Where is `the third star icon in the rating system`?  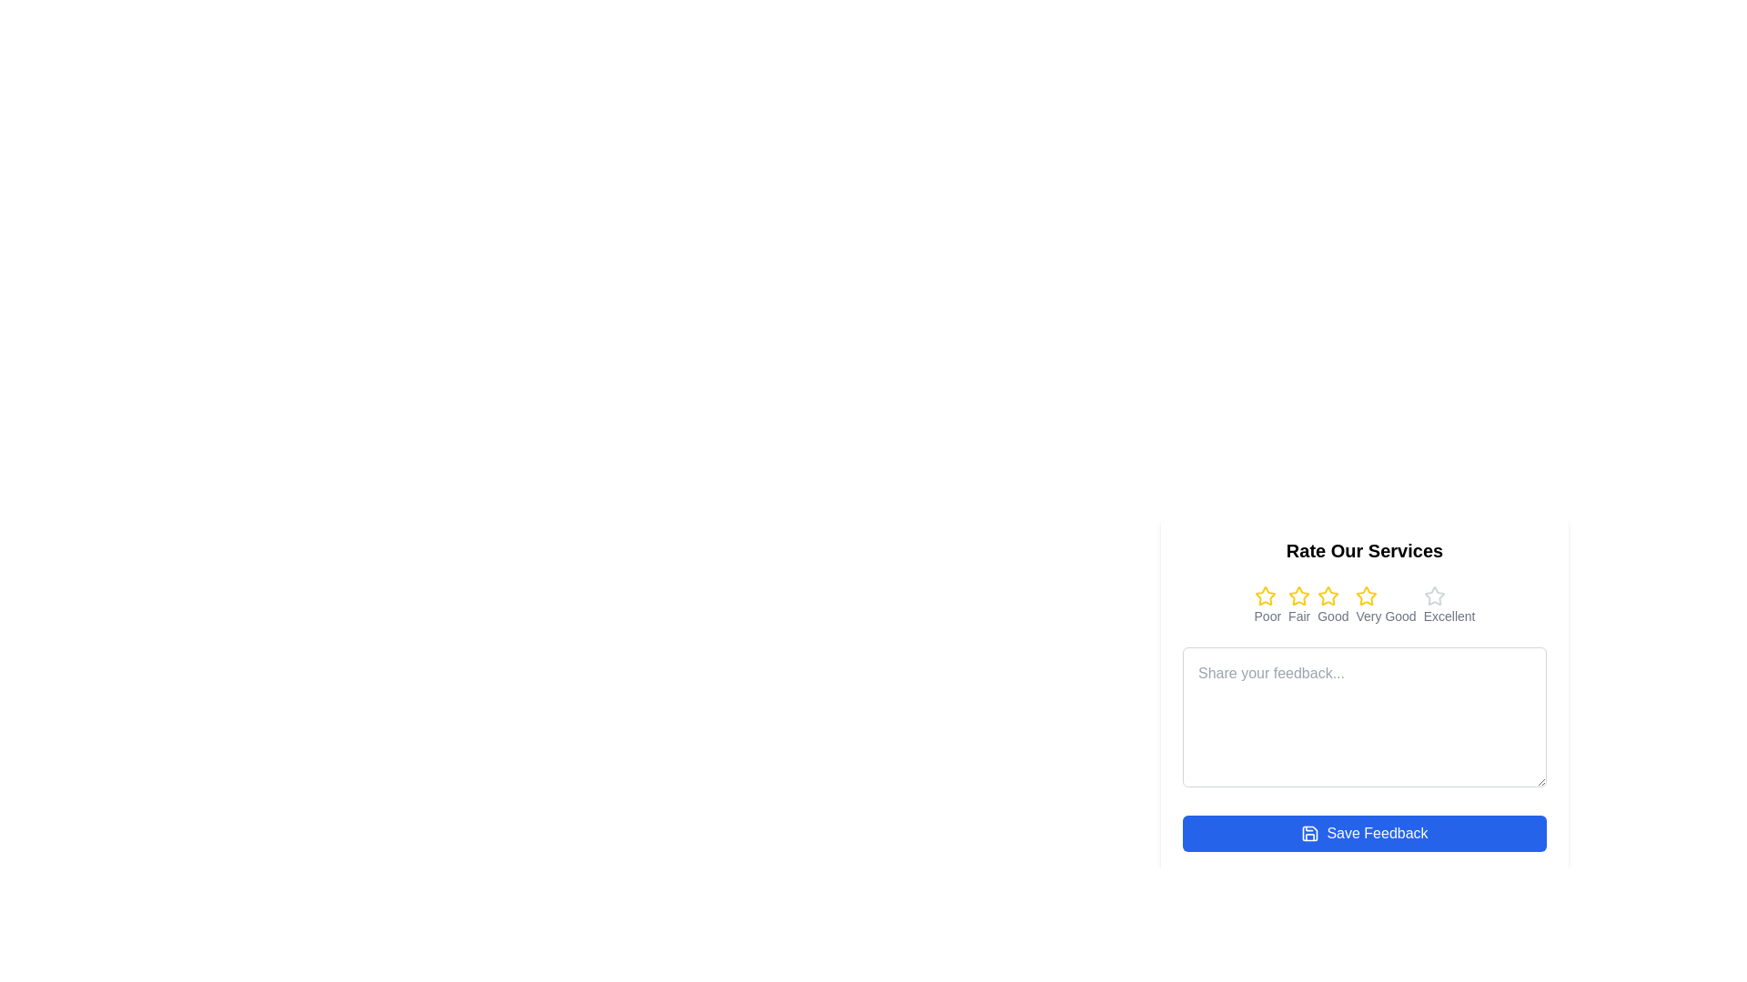 the third star icon in the rating system is located at coordinates (1328, 596).